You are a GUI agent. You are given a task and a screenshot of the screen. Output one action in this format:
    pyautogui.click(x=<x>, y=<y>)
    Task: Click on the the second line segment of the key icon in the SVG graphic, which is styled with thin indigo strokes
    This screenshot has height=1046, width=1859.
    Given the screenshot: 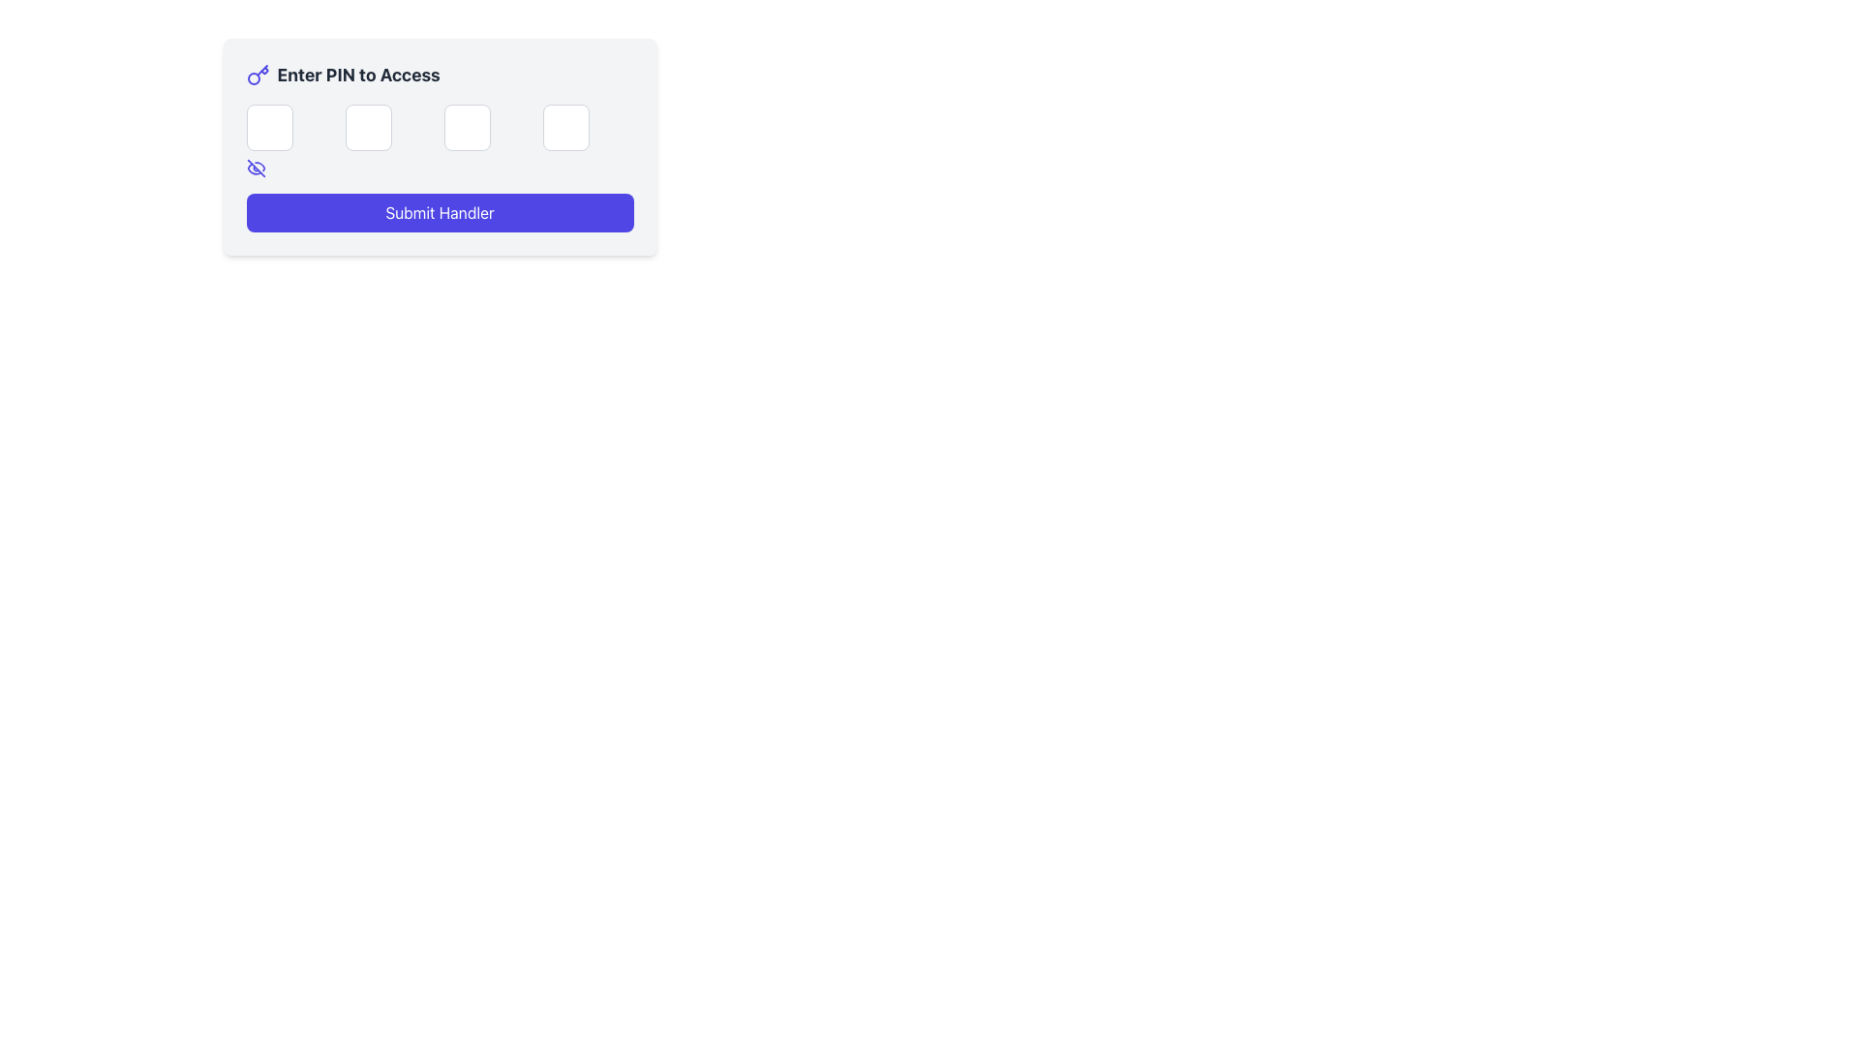 What is the action you would take?
    pyautogui.click(x=260, y=69)
    